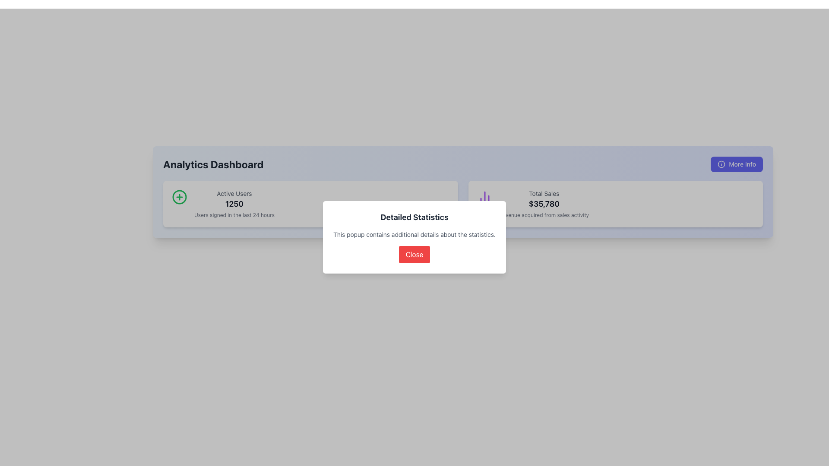 This screenshot has height=466, width=829. I want to click on the text element that reads 'This popup contains additional details about the statistics.' which is styled in a smaller gray font and is located within a white popup box, below the title 'Detailed Statistics' and above the red Close button, so click(414, 234).